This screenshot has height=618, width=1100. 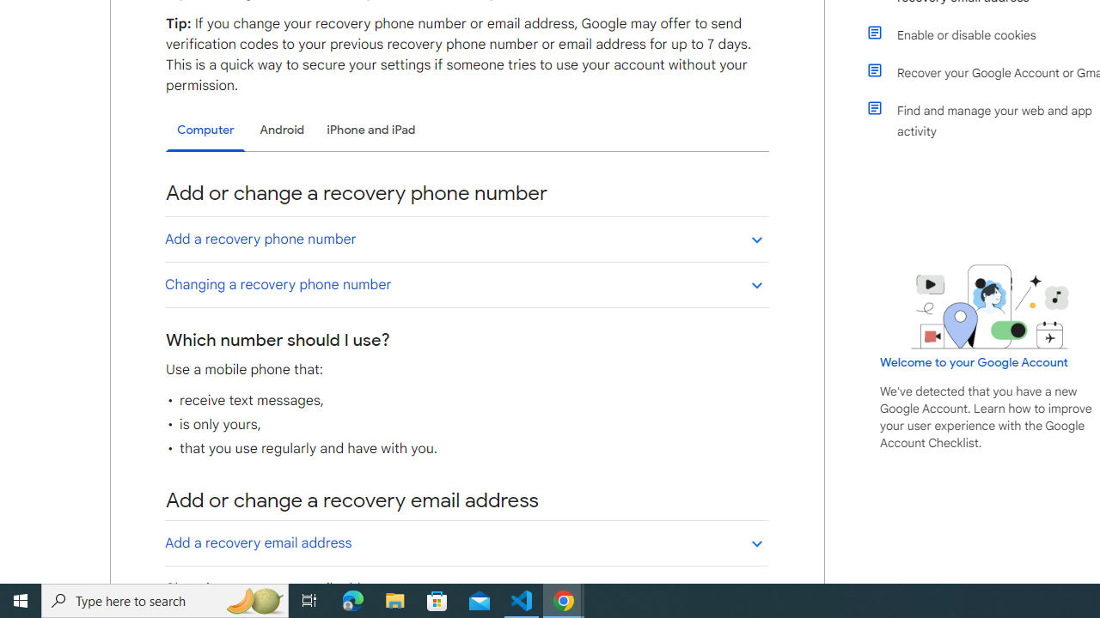 I want to click on 'Add a recovery email address', so click(x=466, y=542).